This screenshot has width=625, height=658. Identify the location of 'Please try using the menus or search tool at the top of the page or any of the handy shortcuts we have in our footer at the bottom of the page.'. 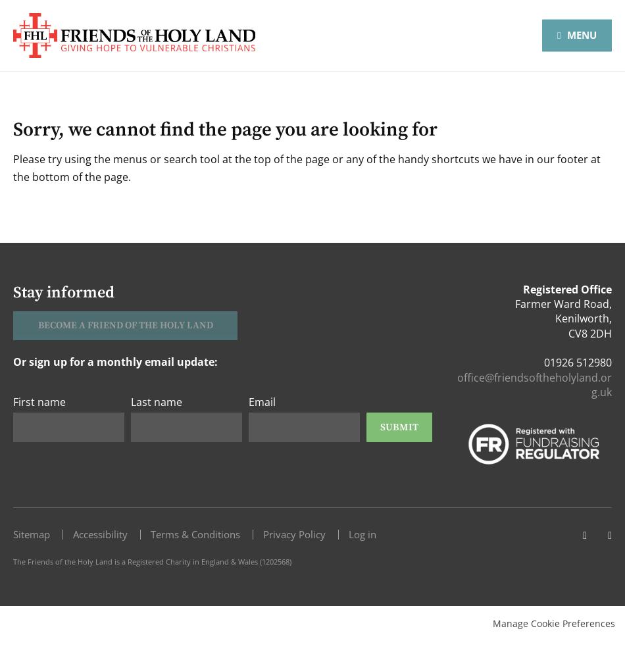
(306, 168).